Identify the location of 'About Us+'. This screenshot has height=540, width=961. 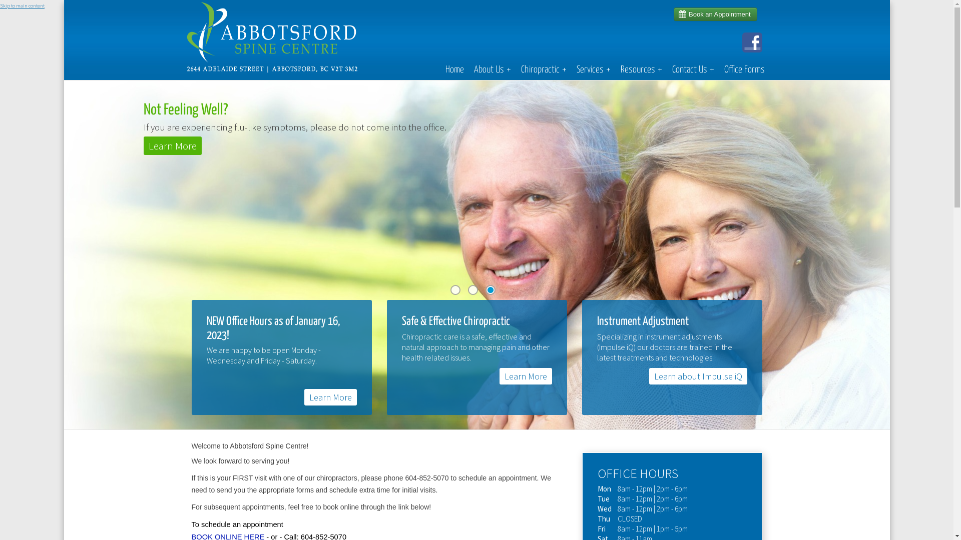
(492, 69).